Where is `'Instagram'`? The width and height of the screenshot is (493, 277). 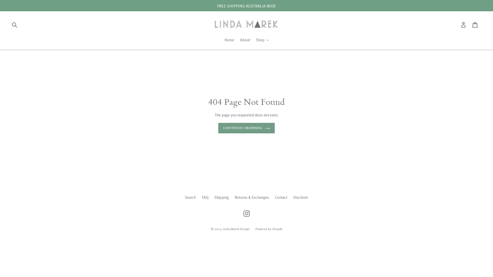
'Instagram' is located at coordinates (246, 213).